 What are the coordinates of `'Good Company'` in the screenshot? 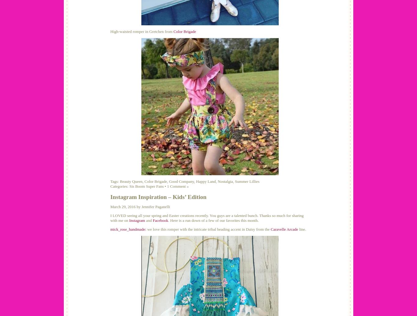 It's located at (169, 181).